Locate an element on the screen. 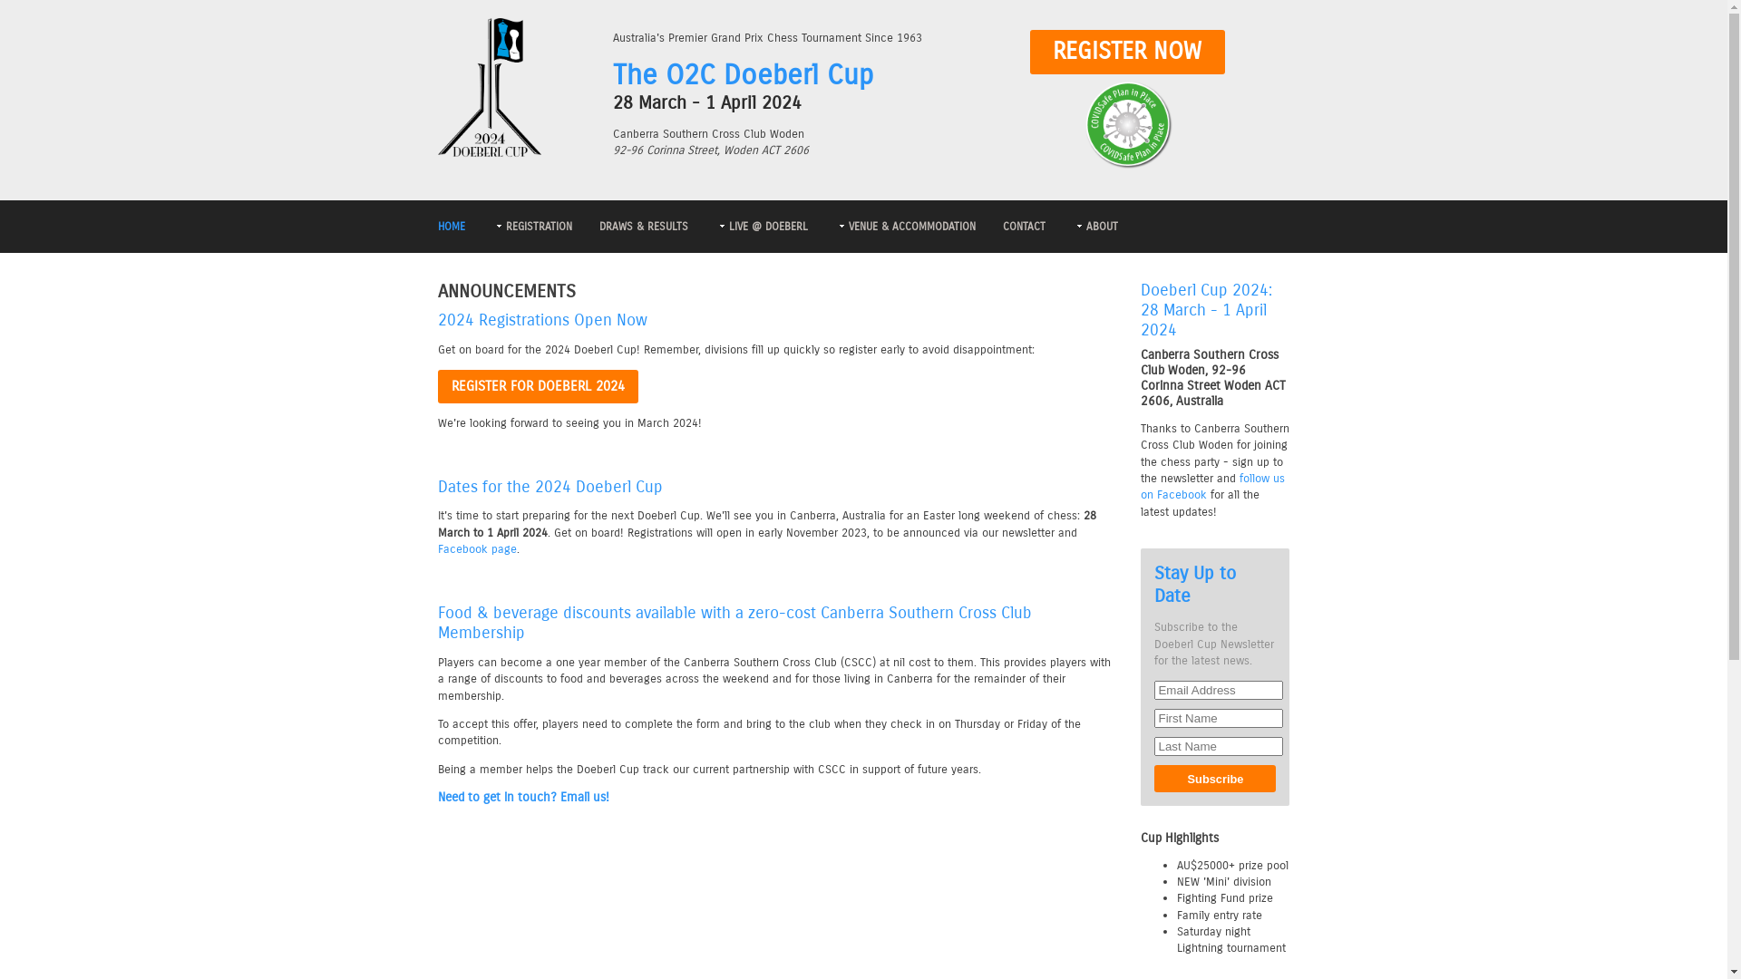 This screenshot has width=1741, height=979. 'REGISTER NOW' is located at coordinates (1126, 51).